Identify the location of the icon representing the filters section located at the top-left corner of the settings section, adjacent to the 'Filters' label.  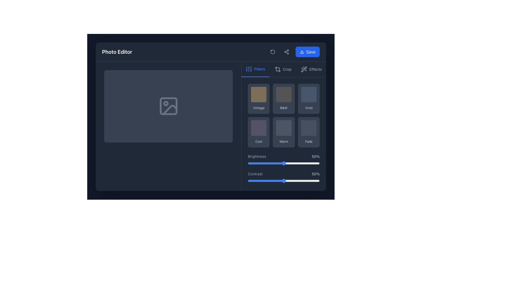
(249, 69).